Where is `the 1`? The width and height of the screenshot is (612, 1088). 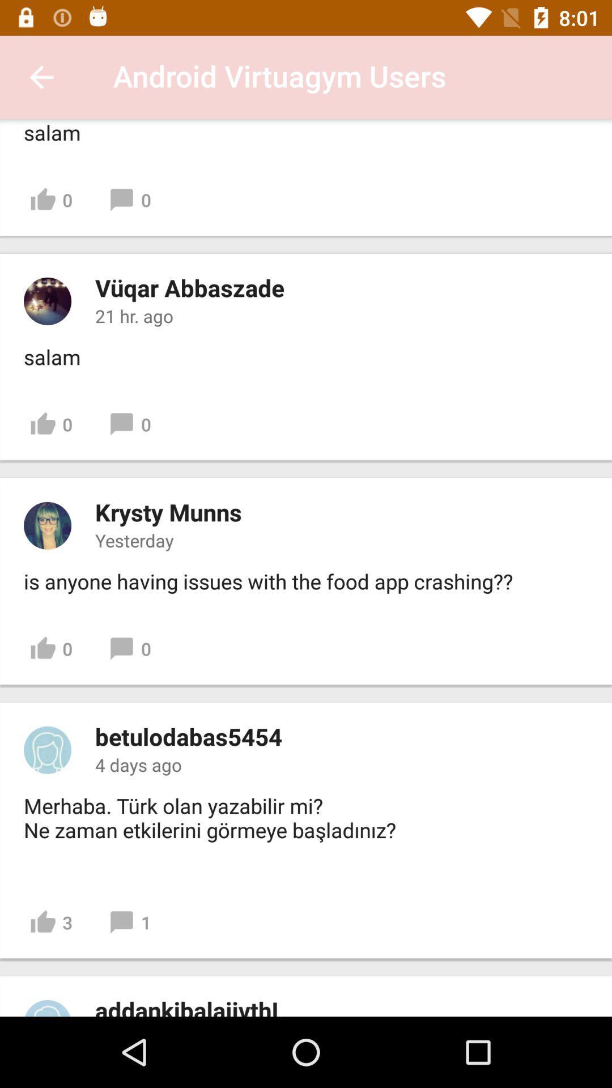 the 1 is located at coordinates (129, 923).